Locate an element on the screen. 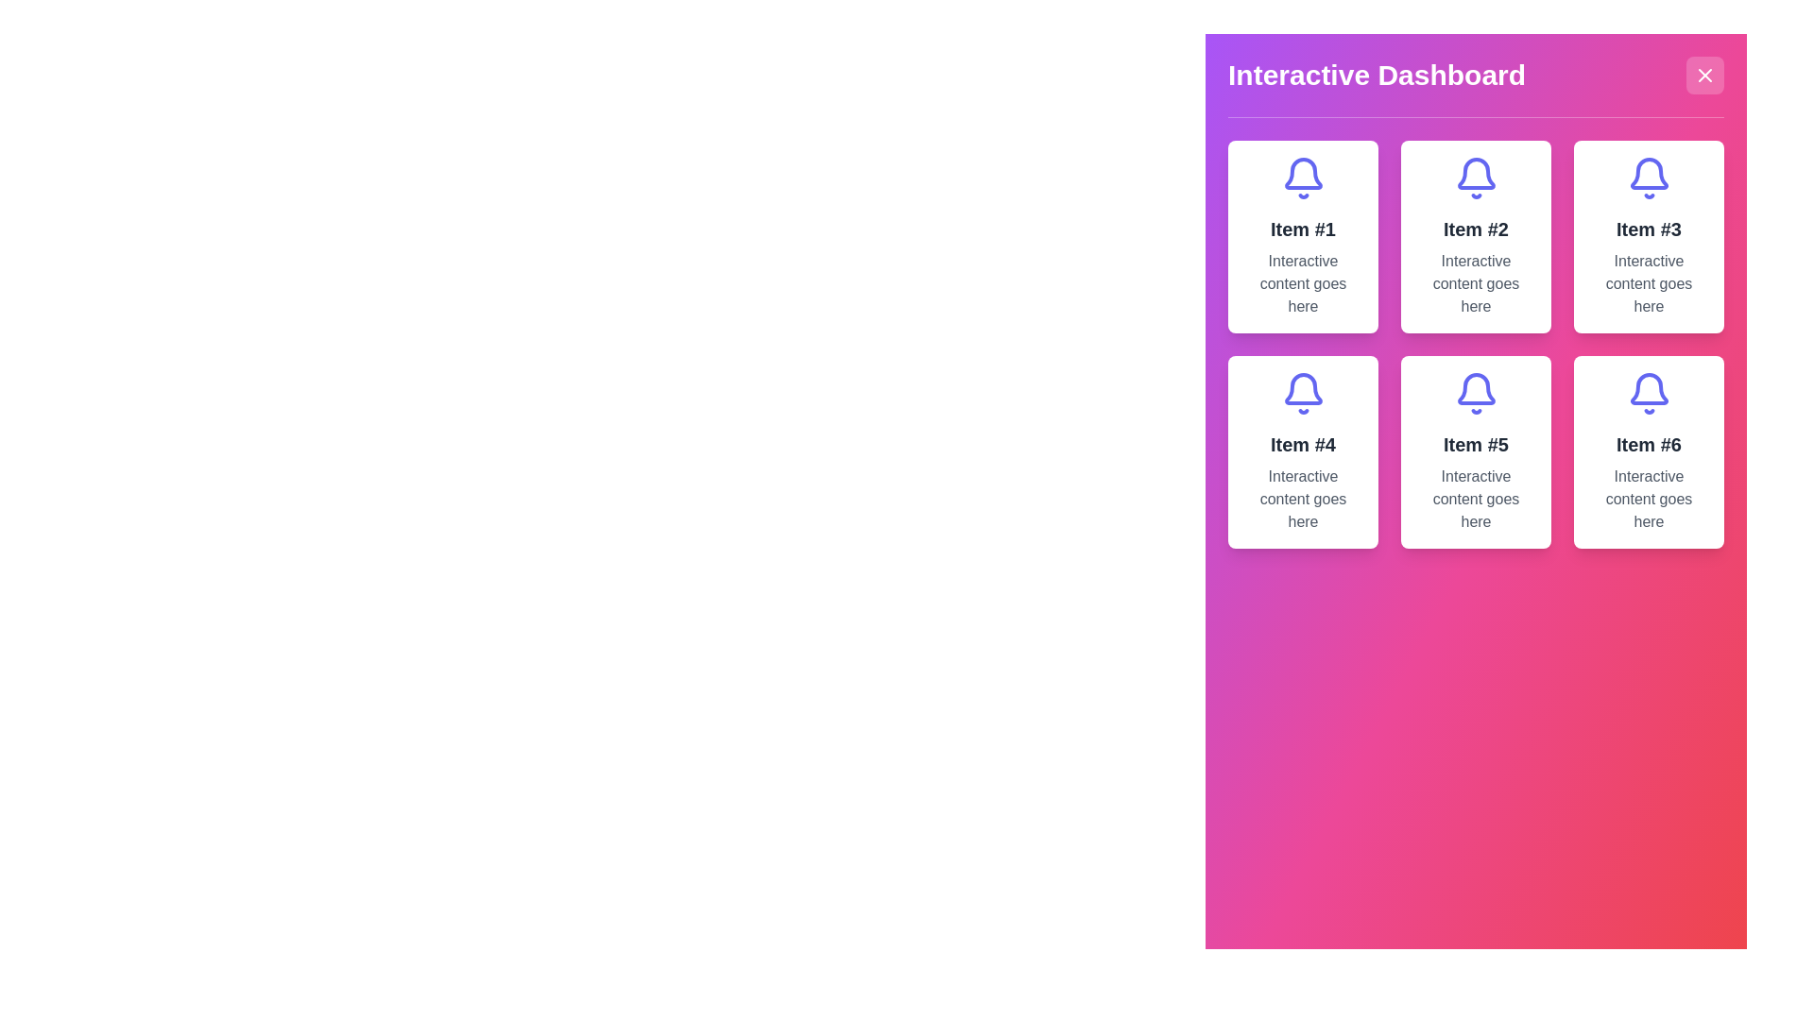 The image size is (1814, 1020). the notification icon located at the top of the card labeled 'Item #2', positioned in the middle of the grid layout of six cards, to trigger the associated card's functionality is located at coordinates (1475, 178).